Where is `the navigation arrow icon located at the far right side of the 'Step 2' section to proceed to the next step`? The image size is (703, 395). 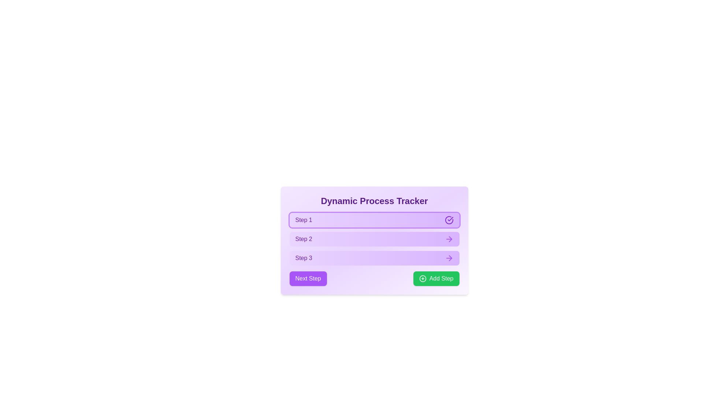
the navigation arrow icon located at the far right side of the 'Step 2' section to proceed to the next step is located at coordinates (449, 239).